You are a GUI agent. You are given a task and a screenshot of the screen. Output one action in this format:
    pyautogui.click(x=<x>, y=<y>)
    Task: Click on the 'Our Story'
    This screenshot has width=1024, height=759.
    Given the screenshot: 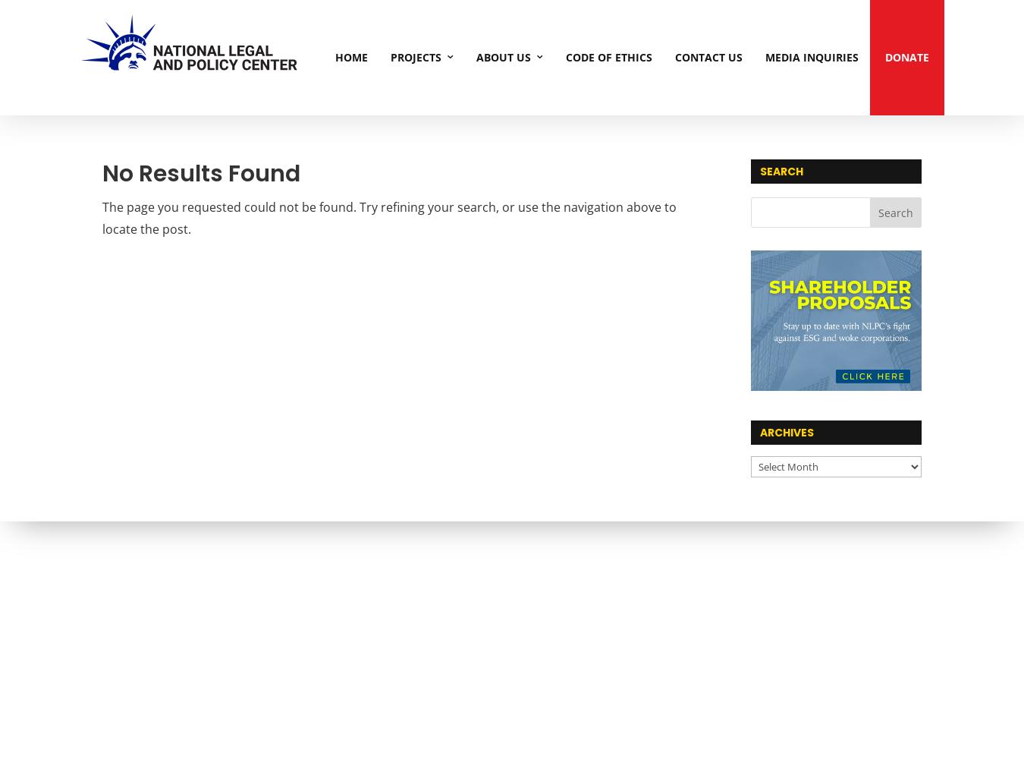 What is the action you would take?
    pyautogui.click(x=502, y=109)
    